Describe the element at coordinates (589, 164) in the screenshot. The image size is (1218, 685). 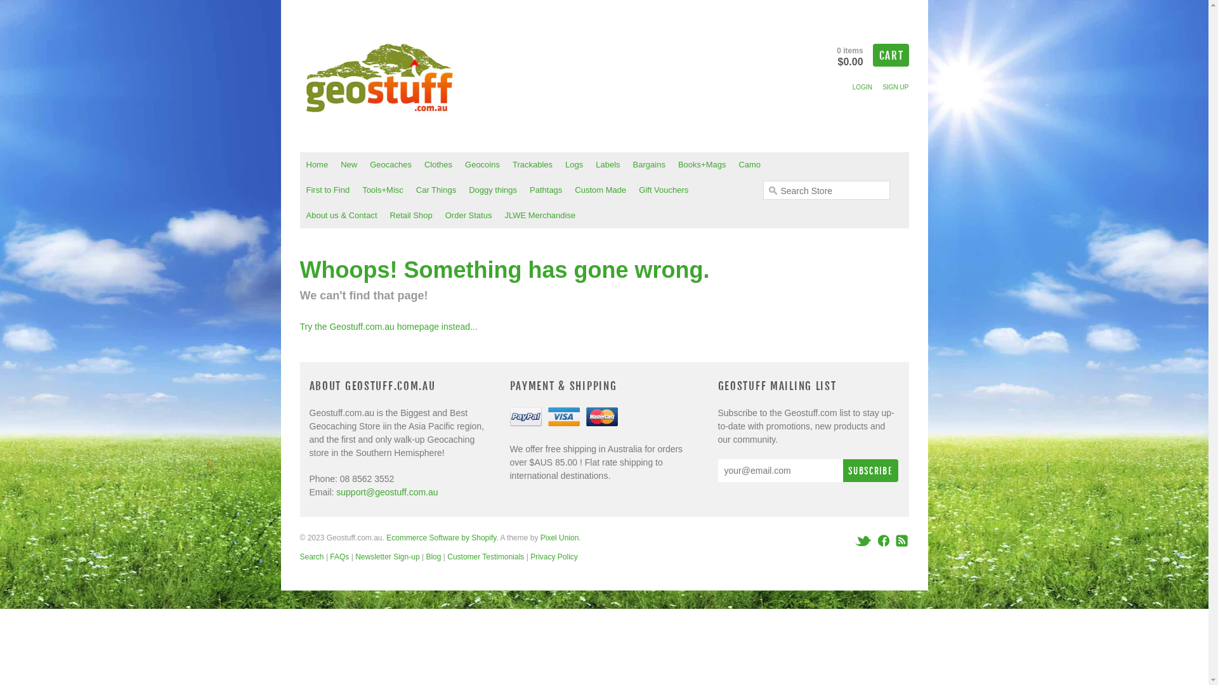
I see `'Labels'` at that location.